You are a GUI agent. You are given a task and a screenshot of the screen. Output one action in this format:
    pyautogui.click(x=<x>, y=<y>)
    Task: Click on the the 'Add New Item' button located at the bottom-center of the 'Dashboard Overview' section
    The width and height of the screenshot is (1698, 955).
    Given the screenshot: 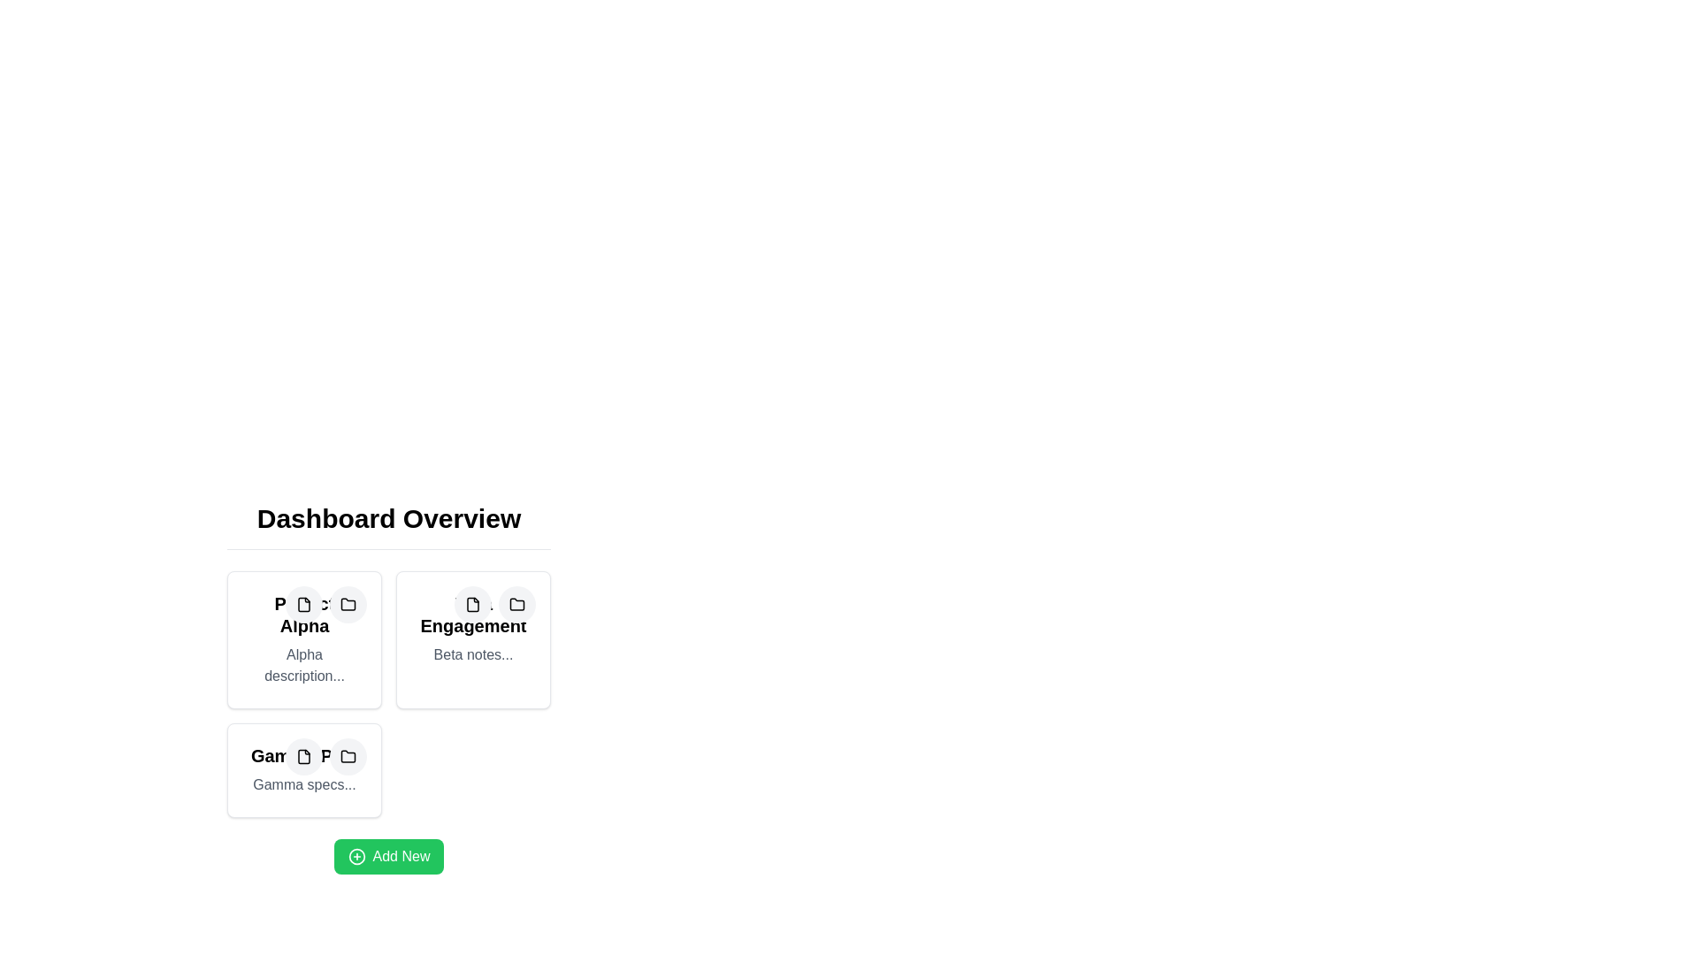 What is the action you would take?
    pyautogui.click(x=388, y=855)
    